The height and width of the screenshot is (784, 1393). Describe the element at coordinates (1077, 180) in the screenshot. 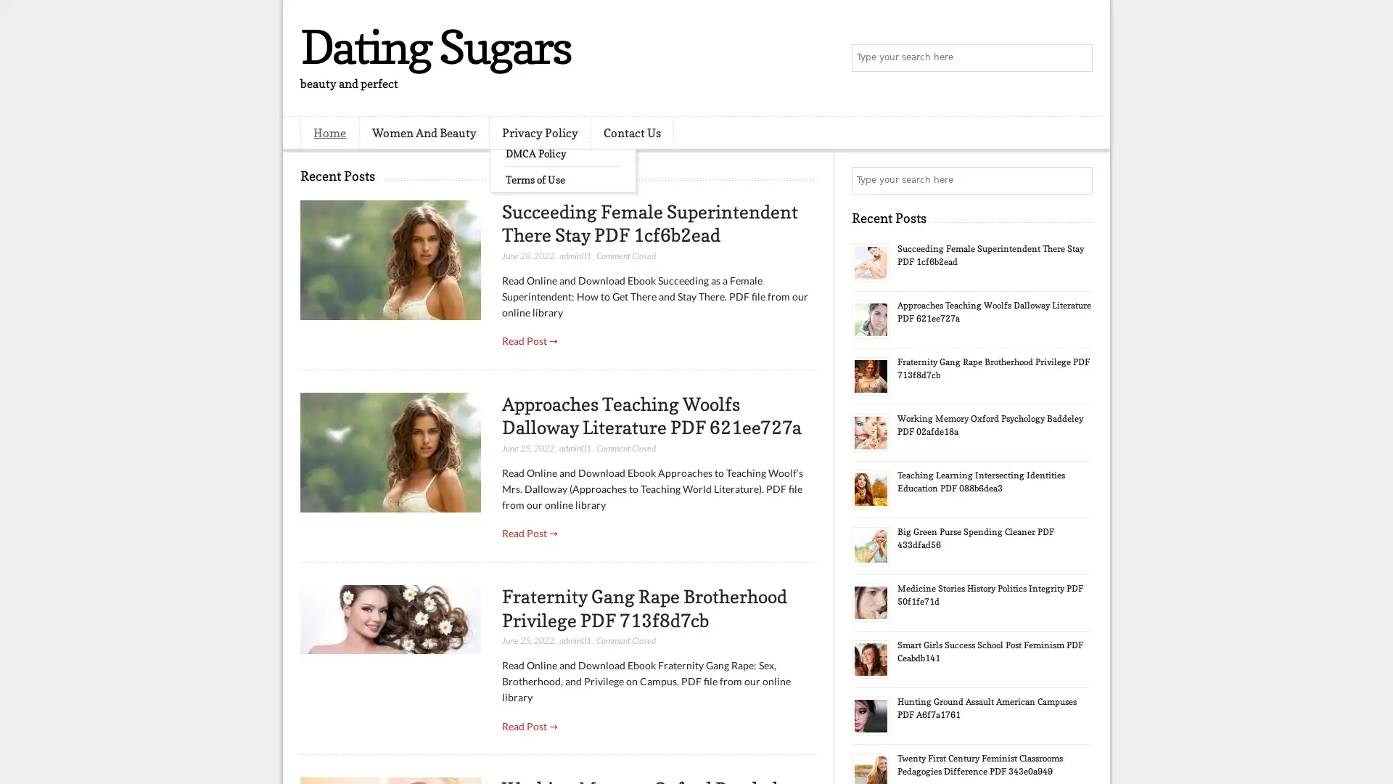

I see `Search` at that location.